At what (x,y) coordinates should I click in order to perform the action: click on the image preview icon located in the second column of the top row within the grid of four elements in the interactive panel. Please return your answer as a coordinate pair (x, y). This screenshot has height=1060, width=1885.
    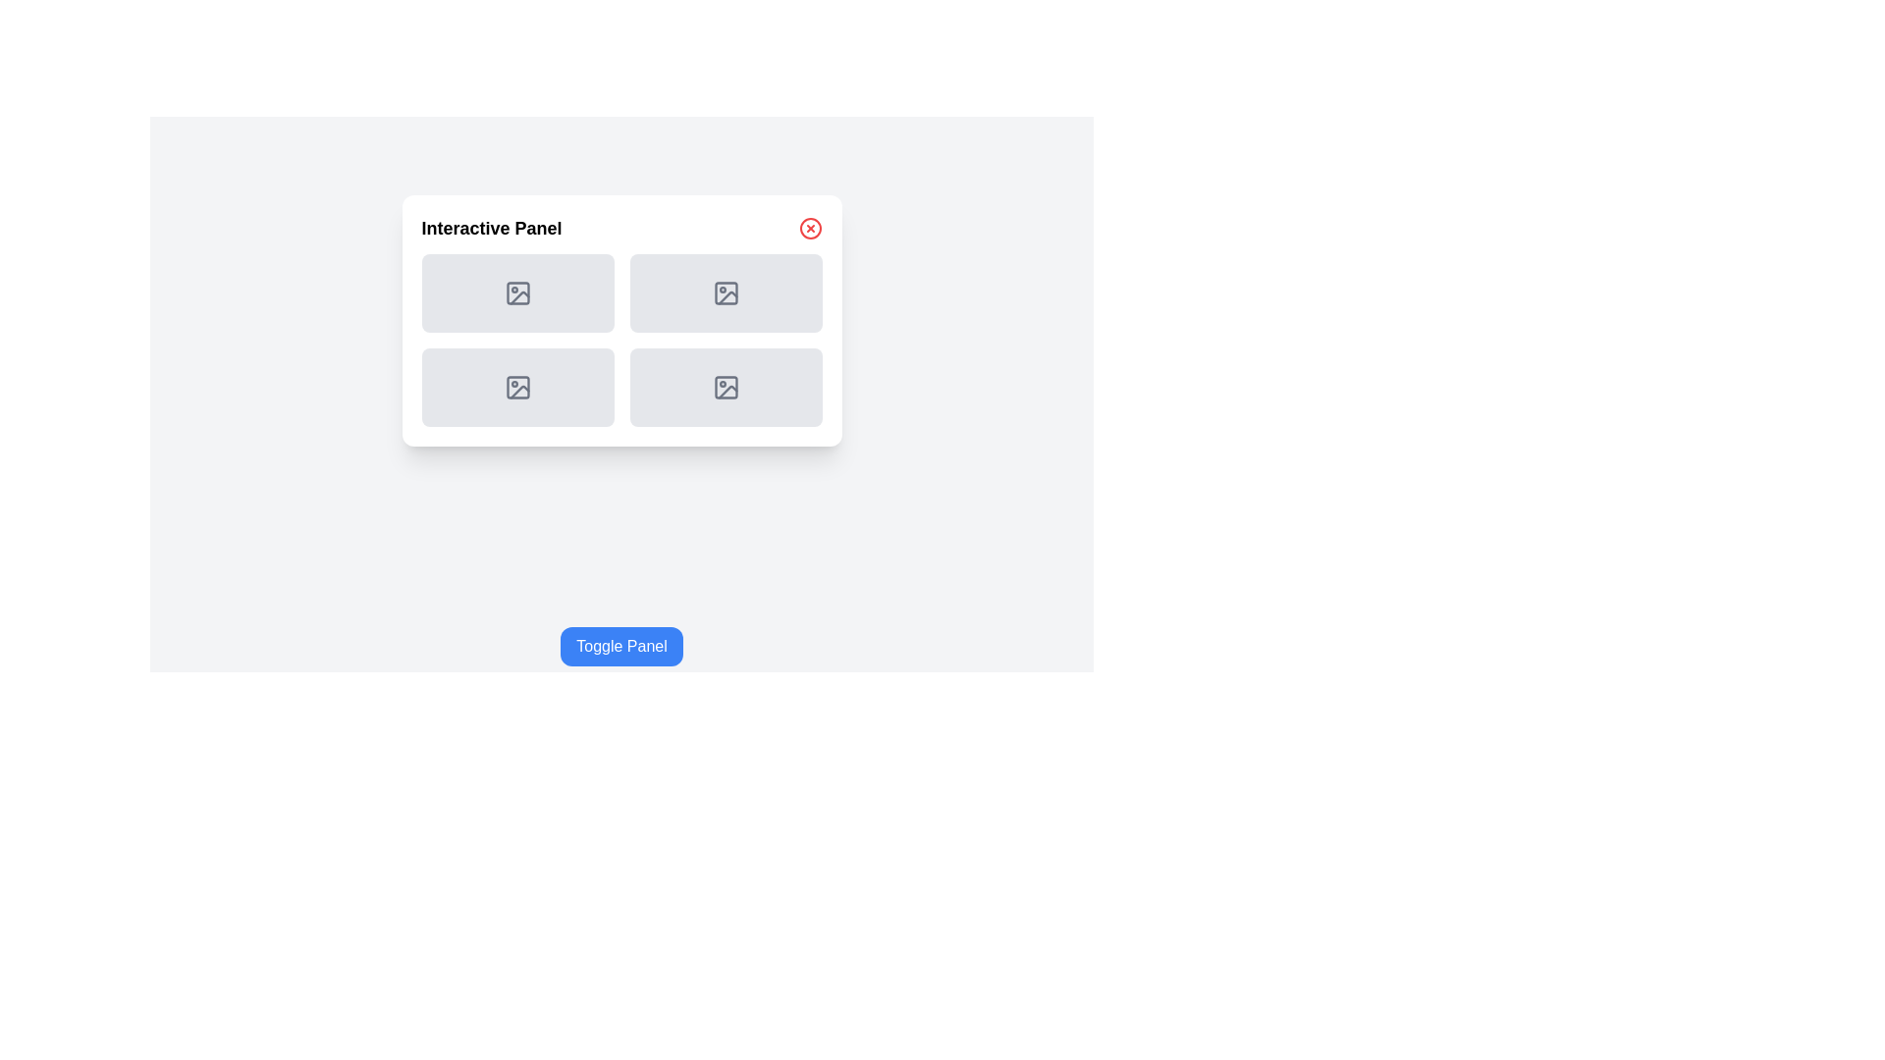
    Looking at the image, I should click on (725, 293).